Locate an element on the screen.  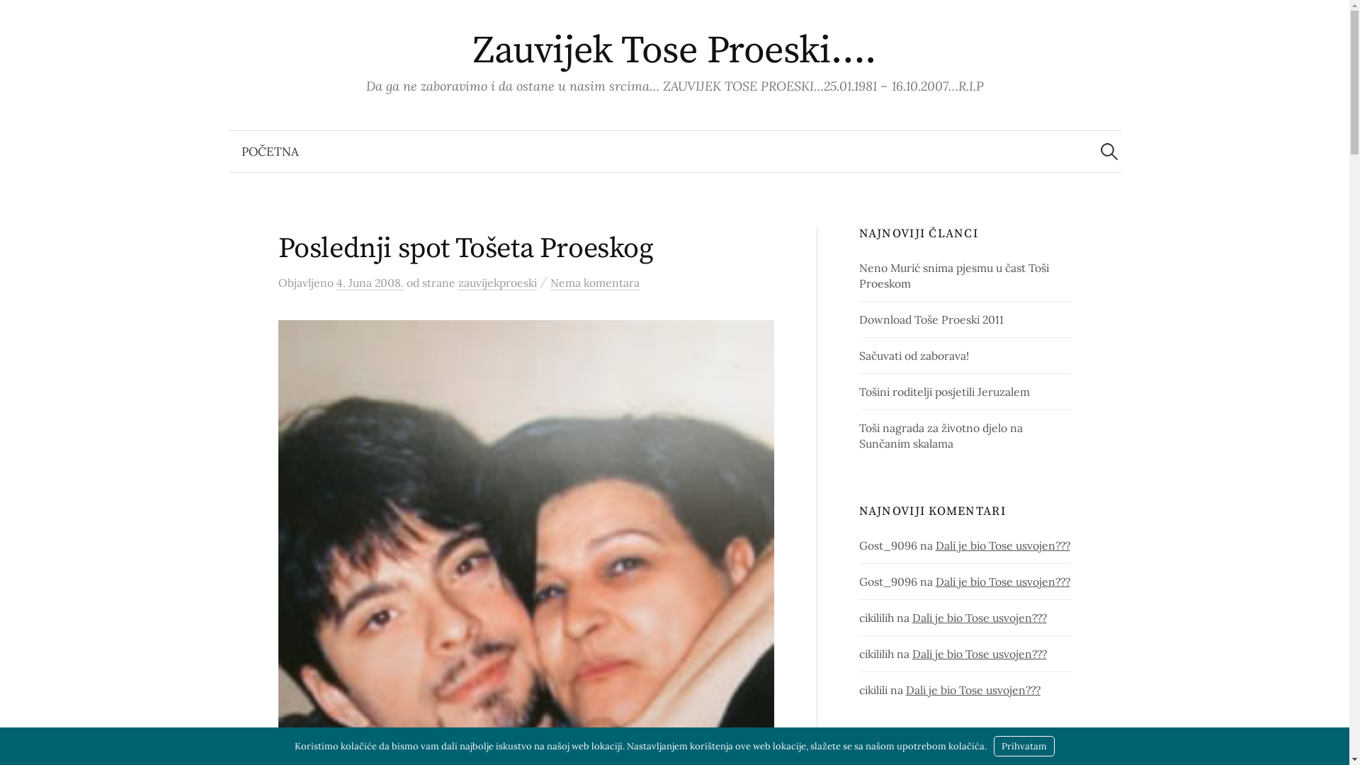
'Prihvatam' is located at coordinates (1024, 745).